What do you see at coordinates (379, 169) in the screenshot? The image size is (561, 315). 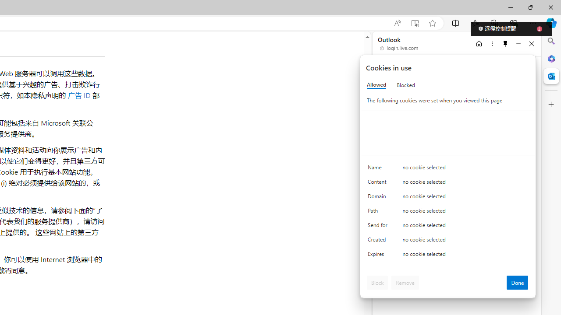 I see `'Name'` at bounding box center [379, 169].